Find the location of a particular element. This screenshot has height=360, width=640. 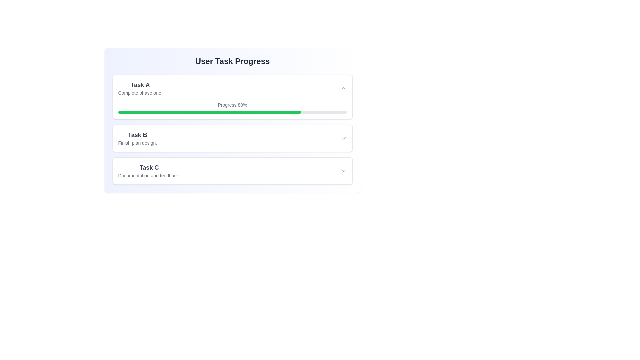

the icon button resembling a downward-pointing chevron located at the far-right side of the 'Task C' row is located at coordinates (343, 171).